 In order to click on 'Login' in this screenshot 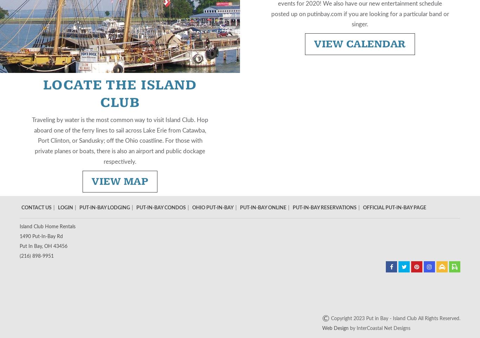, I will do `click(65, 207)`.